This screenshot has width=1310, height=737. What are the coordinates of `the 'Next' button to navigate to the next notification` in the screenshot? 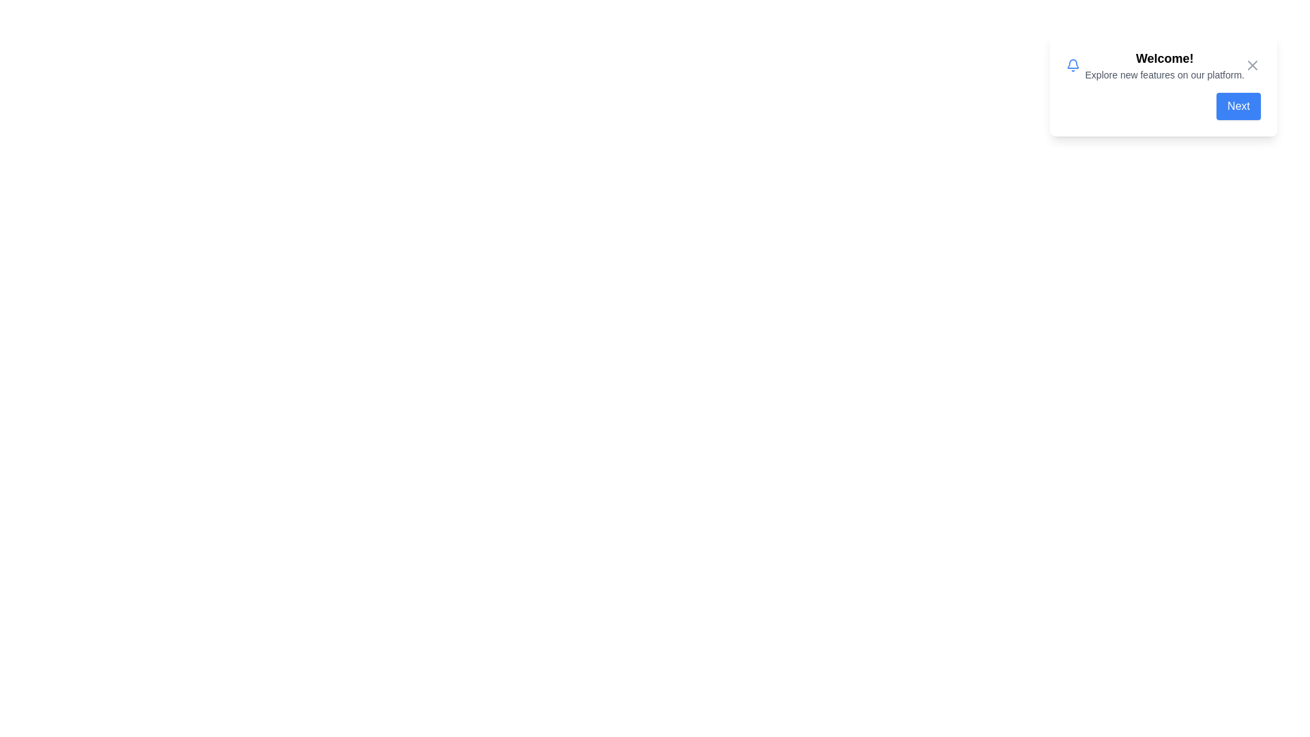 It's located at (1238, 105).